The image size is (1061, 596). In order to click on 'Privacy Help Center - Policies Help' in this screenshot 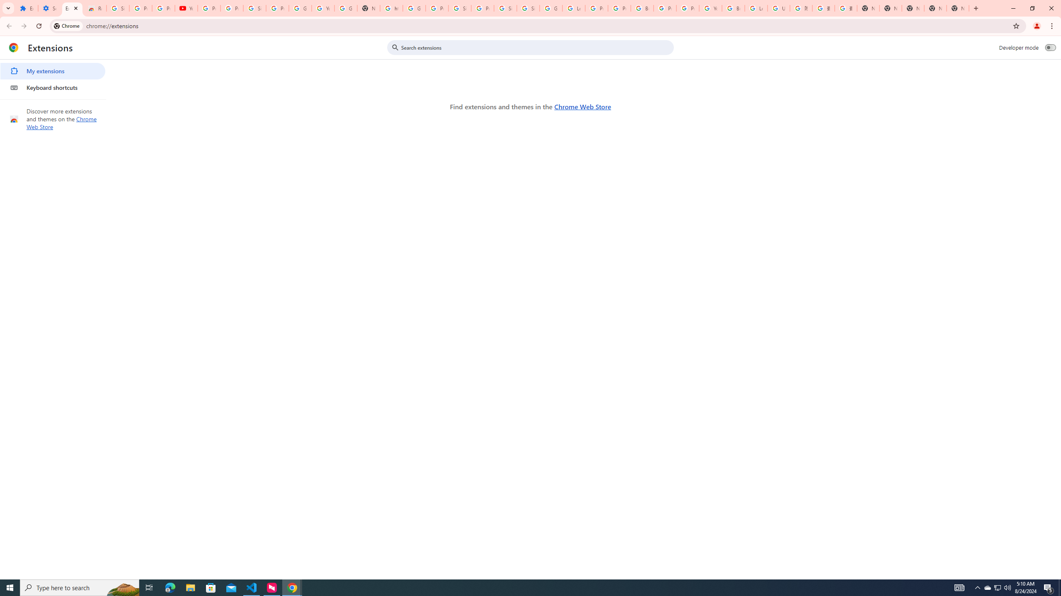, I will do `click(620, 8)`.